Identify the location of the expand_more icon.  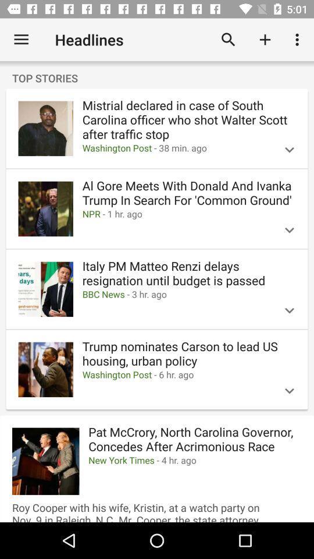
(288, 149).